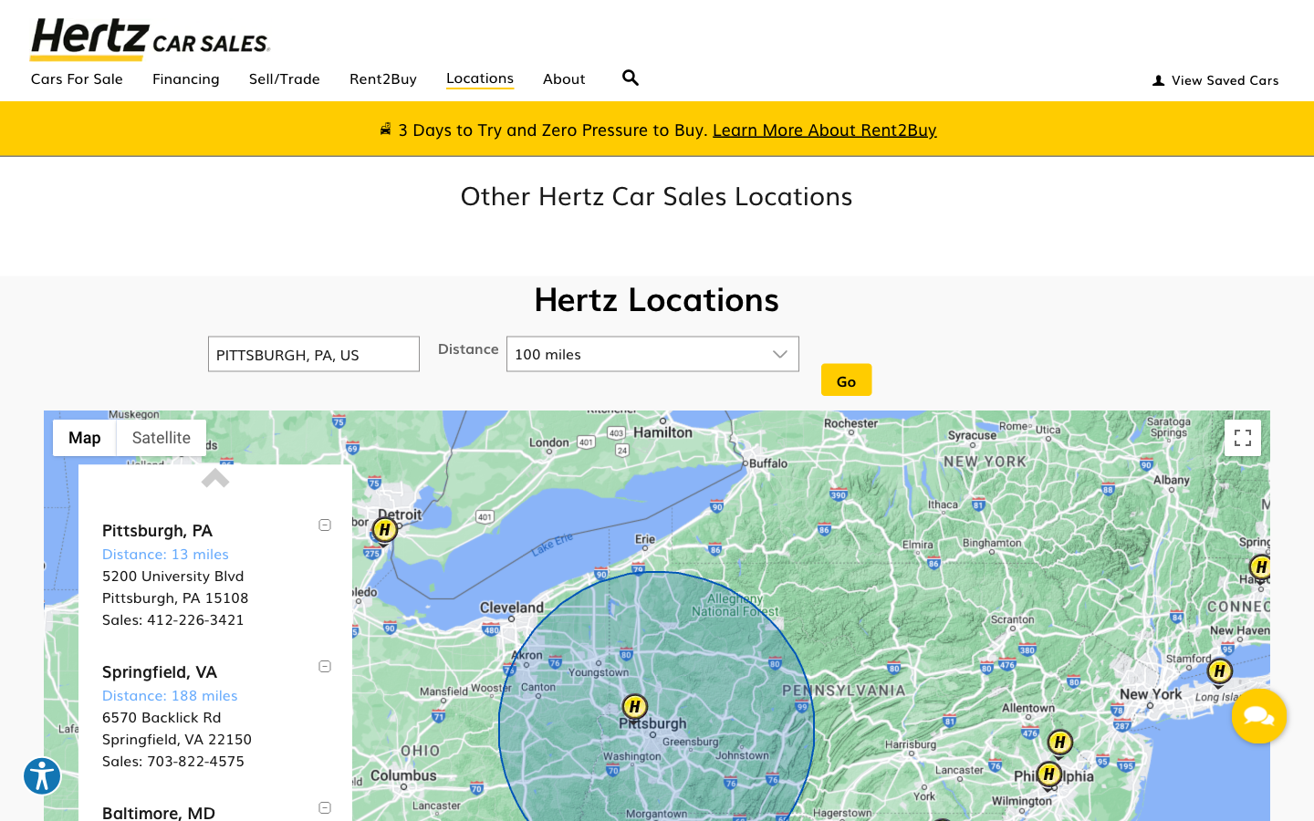 This screenshot has width=1314, height=821. Describe the element at coordinates (631, 71) in the screenshot. I see `Locate the nearby used car dealerships using a search engine` at that location.